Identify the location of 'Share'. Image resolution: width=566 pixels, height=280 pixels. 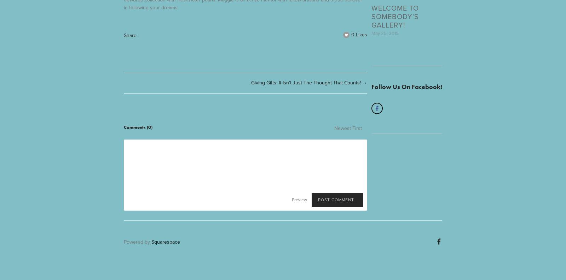
(130, 35).